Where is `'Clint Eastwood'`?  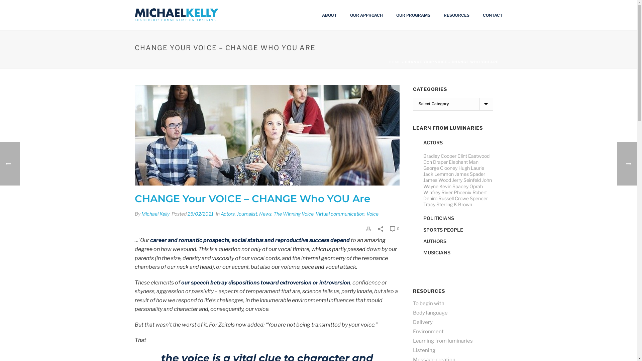 'Clint Eastwood' is located at coordinates (473, 156).